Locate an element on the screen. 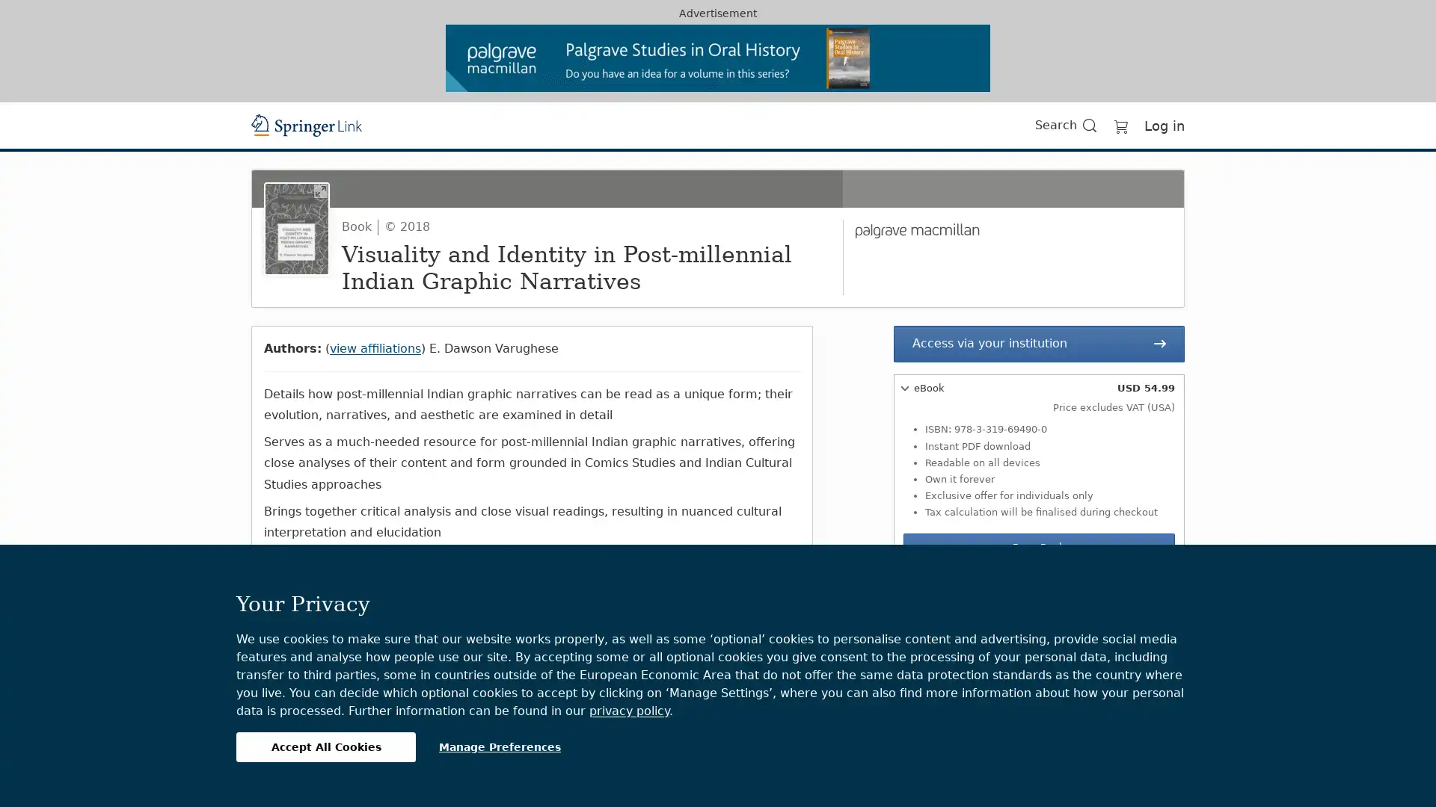  eBook USD 54.99 is located at coordinates (1037, 387).